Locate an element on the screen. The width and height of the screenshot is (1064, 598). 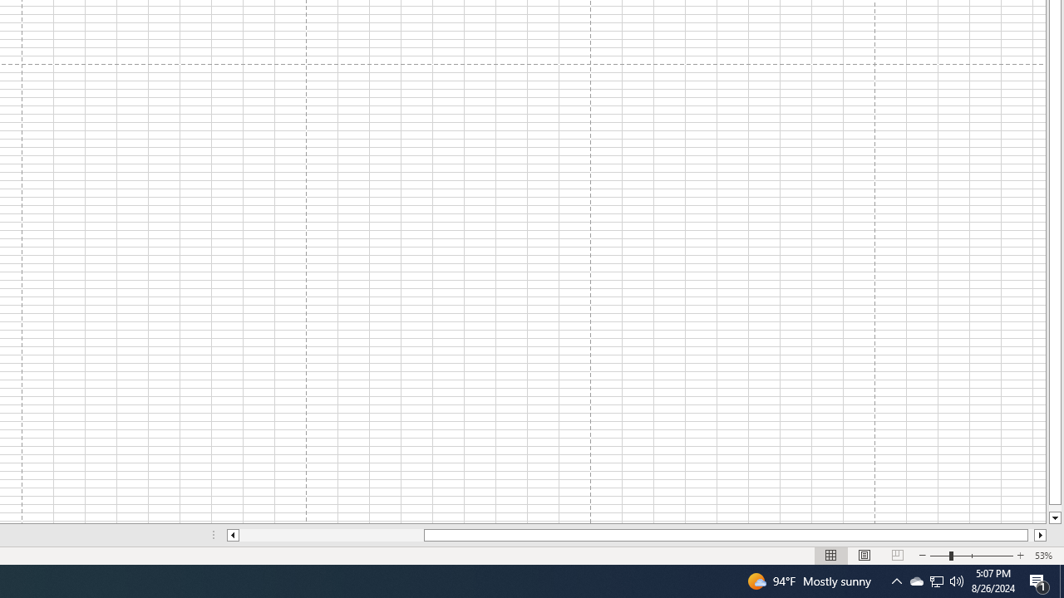
'Line down' is located at coordinates (1054, 517).